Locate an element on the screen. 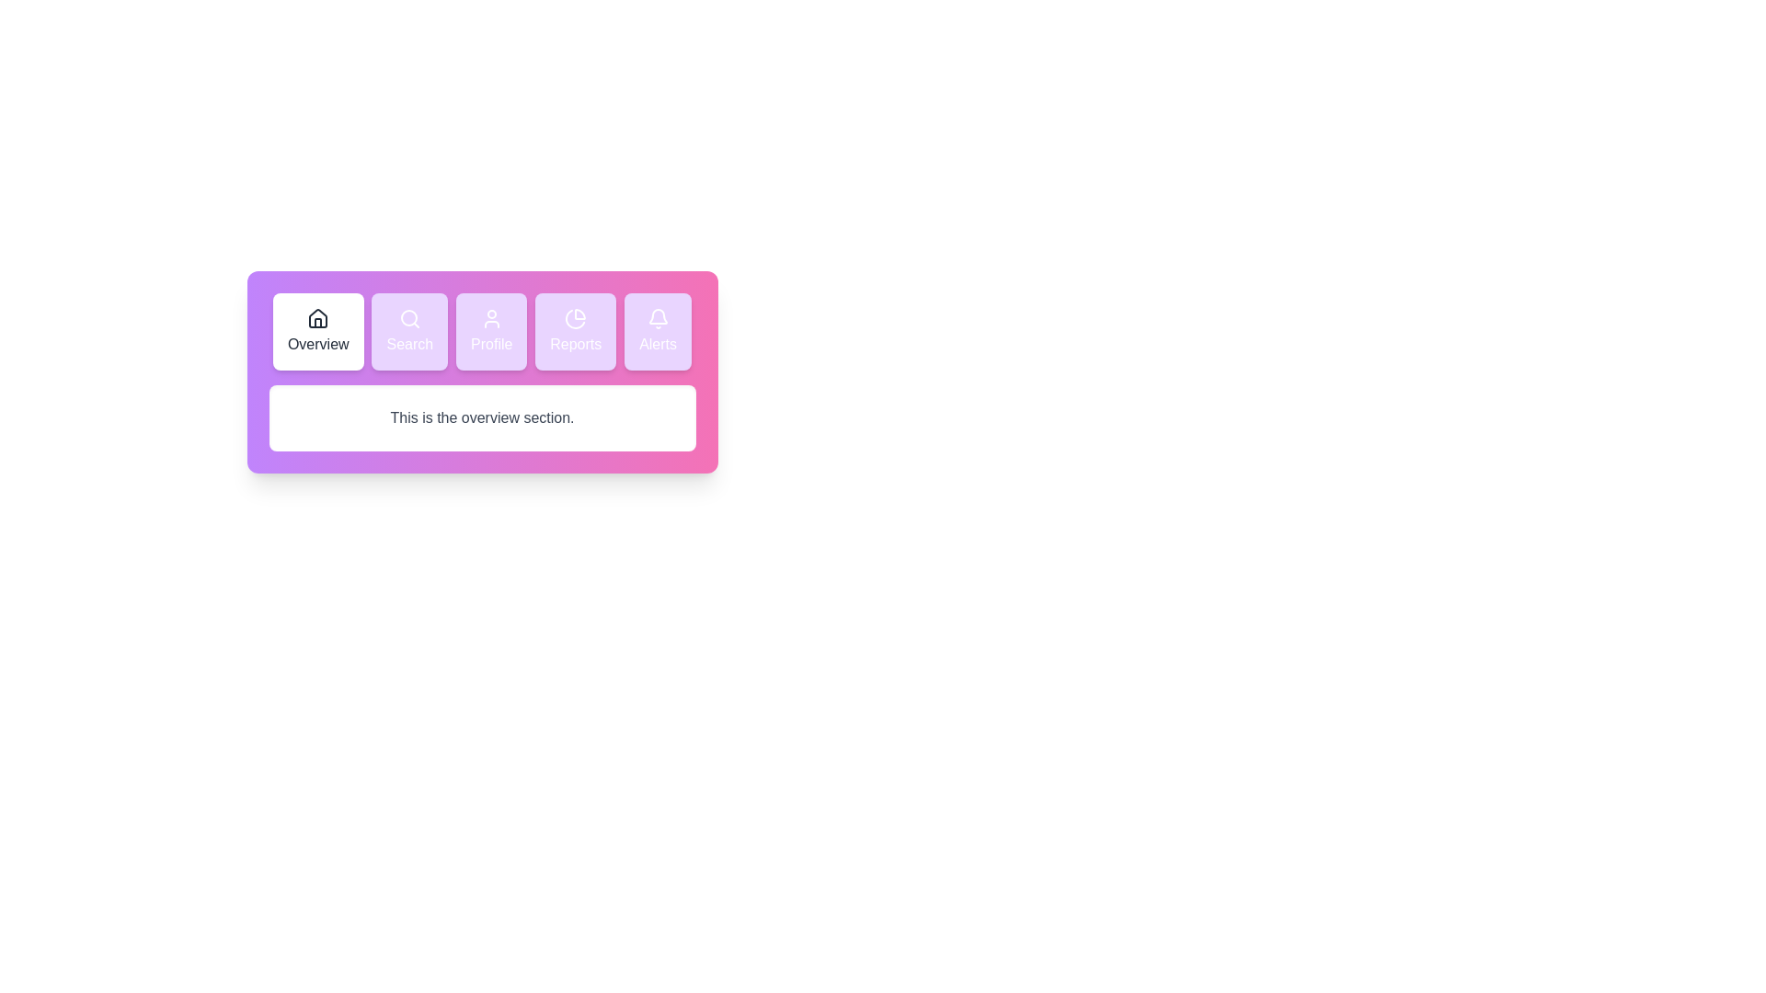 This screenshot has height=993, width=1766. the 'Reports' label is located at coordinates (574, 344).